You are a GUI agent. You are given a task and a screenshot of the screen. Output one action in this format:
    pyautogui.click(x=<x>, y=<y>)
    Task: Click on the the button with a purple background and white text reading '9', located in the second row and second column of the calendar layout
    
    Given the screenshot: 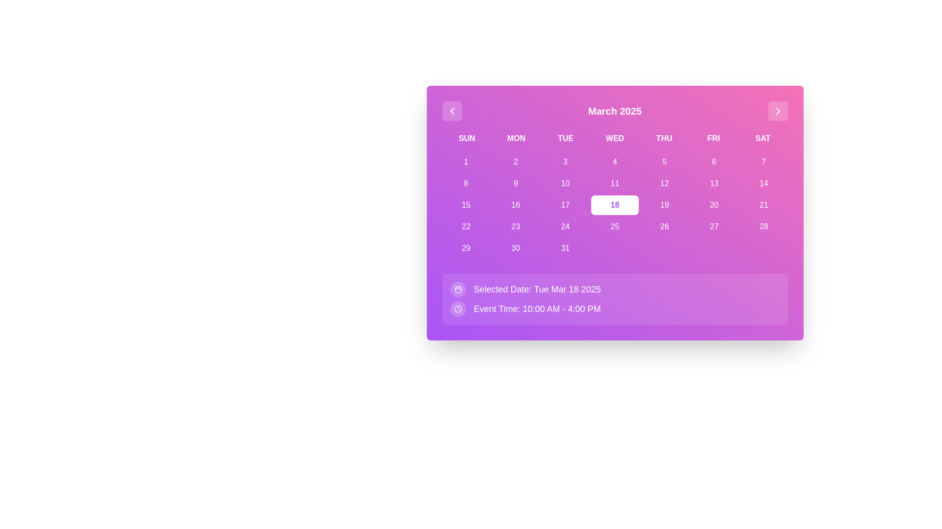 What is the action you would take?
    pyautogui.click(x=515, y=183)
    